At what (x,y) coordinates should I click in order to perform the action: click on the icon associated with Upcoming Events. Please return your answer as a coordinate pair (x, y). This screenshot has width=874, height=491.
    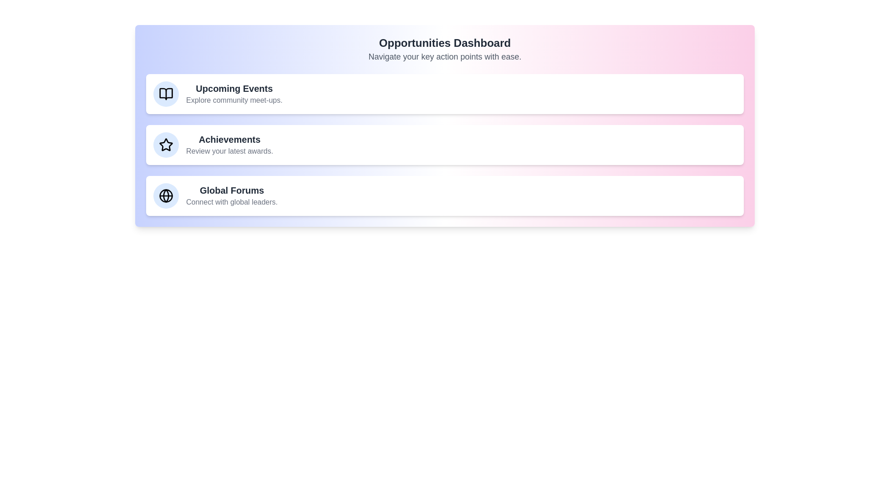
    Looking at the image, I should click on (166, 94).